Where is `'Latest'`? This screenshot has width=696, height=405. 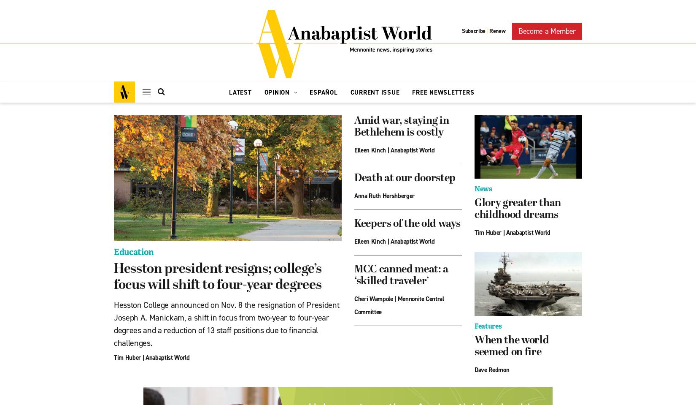 'Latest' is located at coordinates (229, 92).